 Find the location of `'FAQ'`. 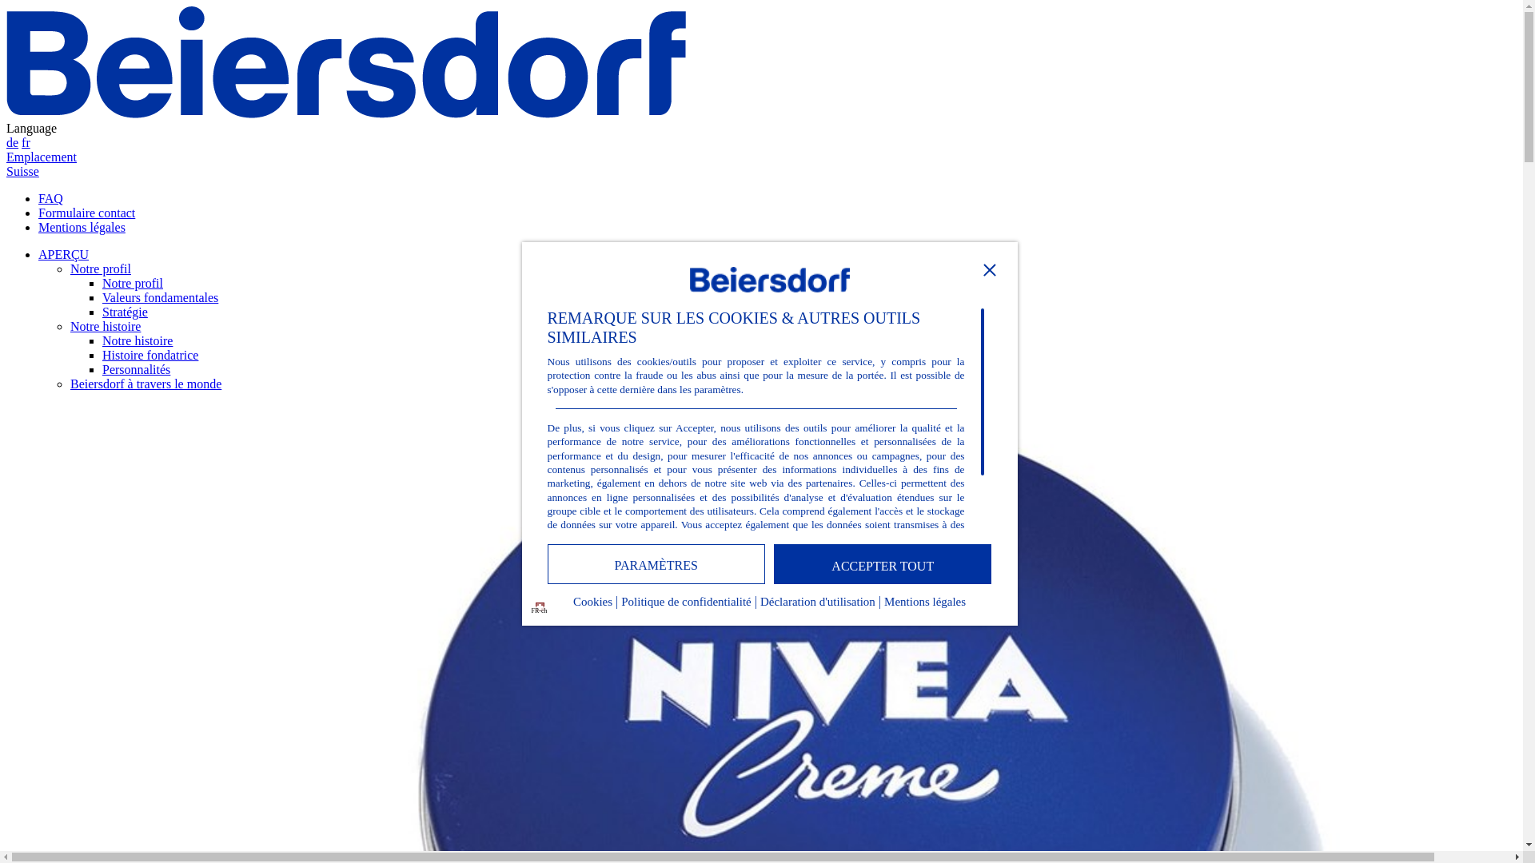

'FAQ' is located at coordinates (50, 197).